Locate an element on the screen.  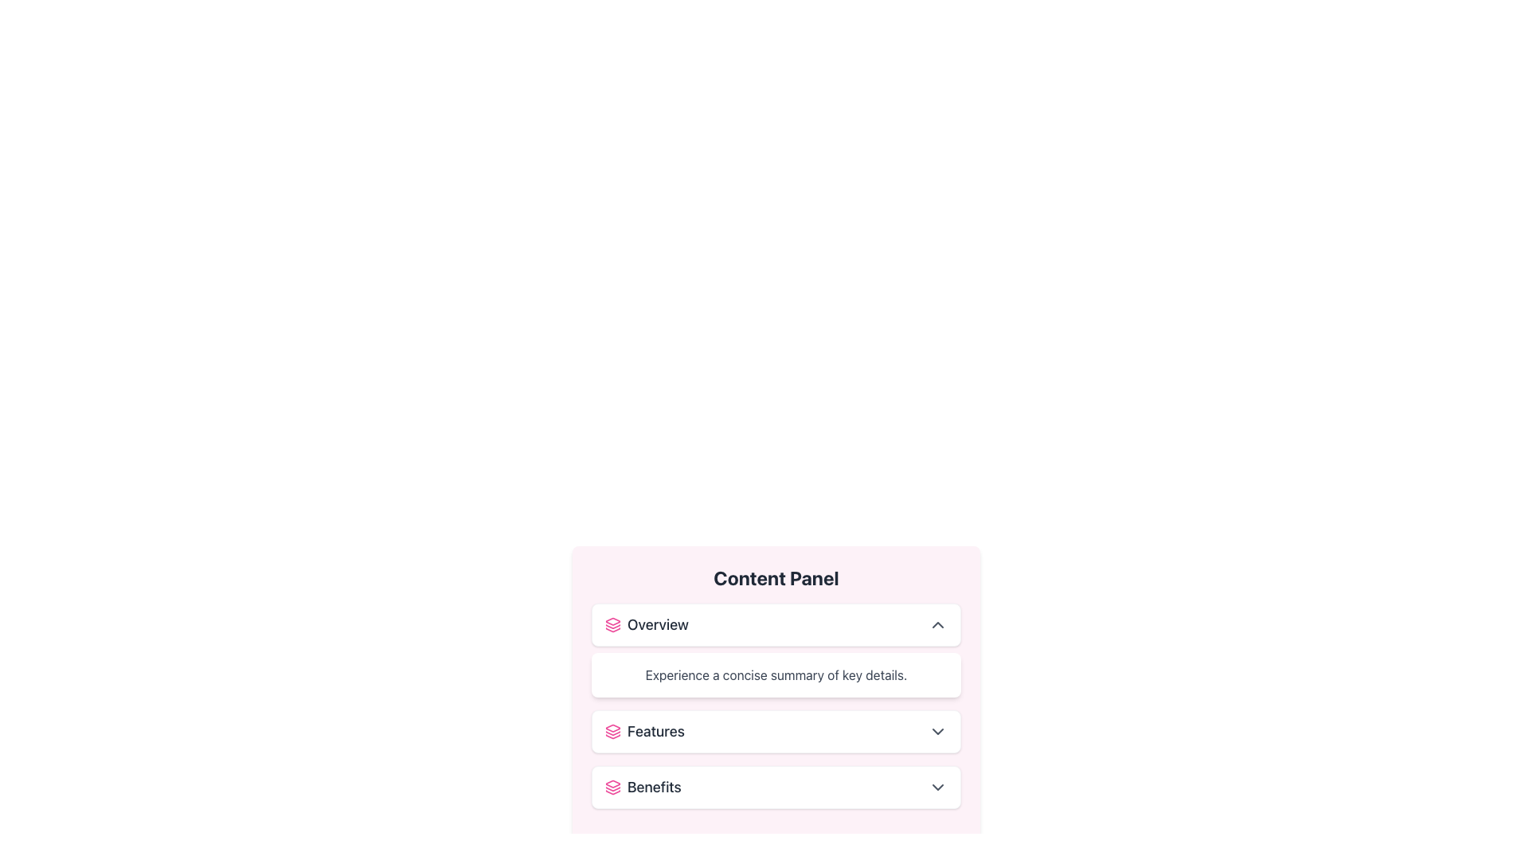
the 'Overview' icon, which is positioned to the far left of the 'Overview' header, aiding in navigation is located at coordinates (612, 624).